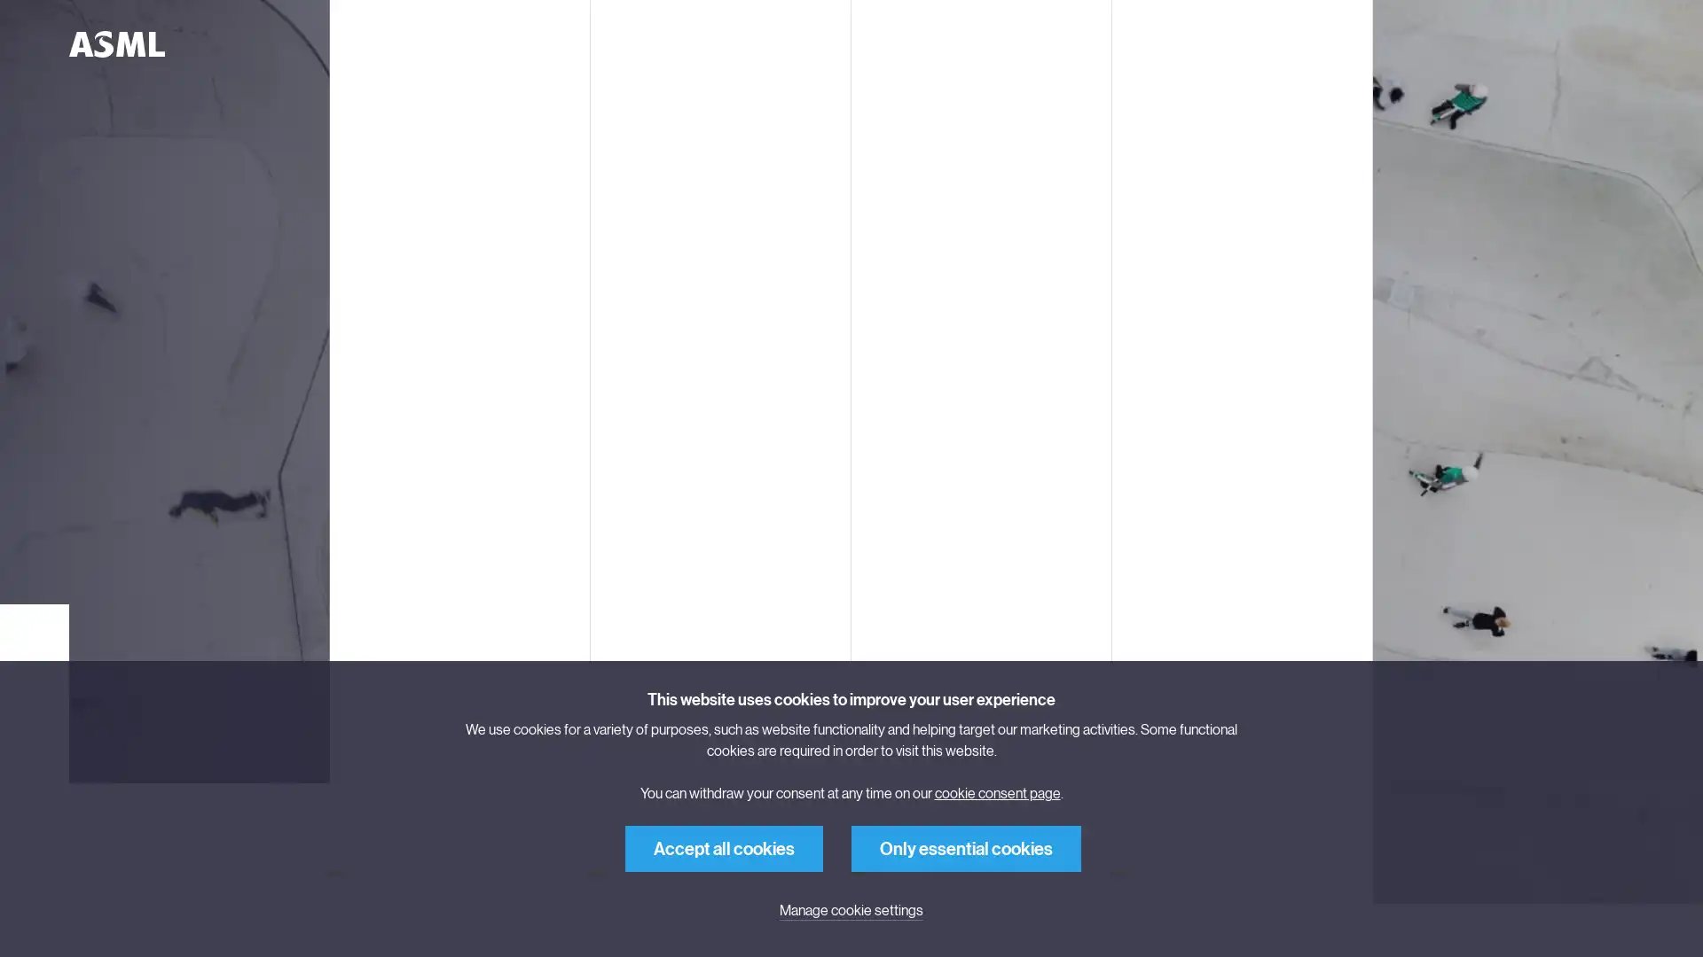  Describe the element at coordinates (965, 847) in the screenshot. I see `Only essential cookies` at that location.